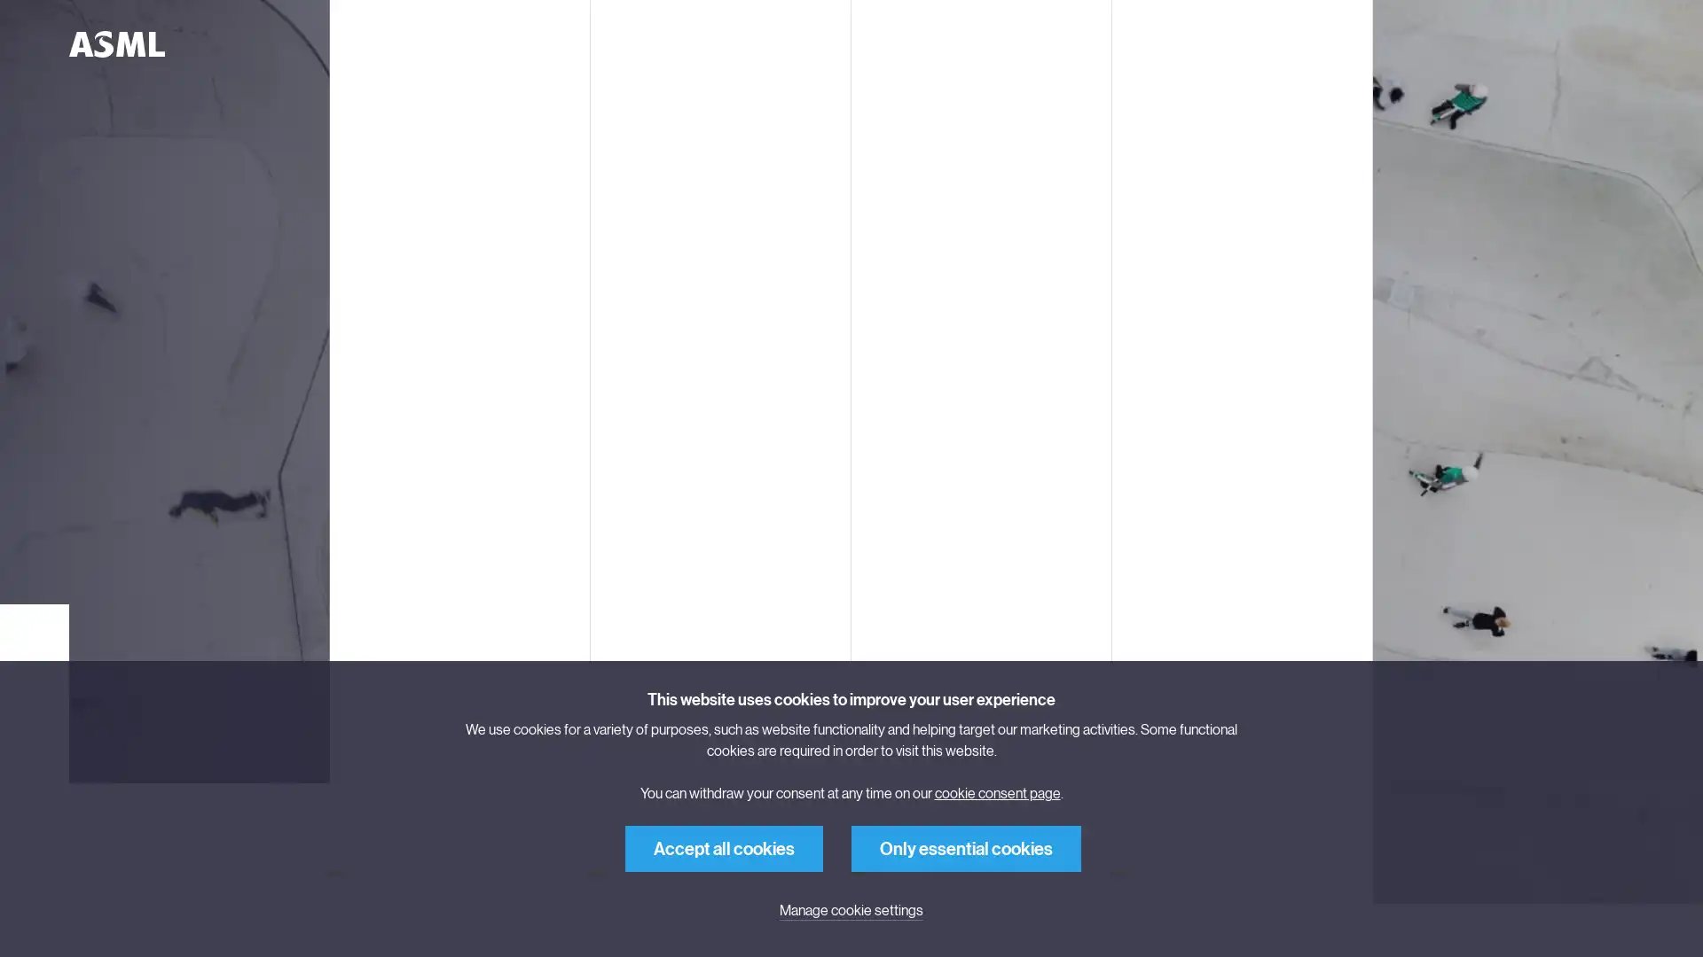  Describe the element at coordinates (965, 847) in the screenshot. I see `Only essential cookies` at that location.